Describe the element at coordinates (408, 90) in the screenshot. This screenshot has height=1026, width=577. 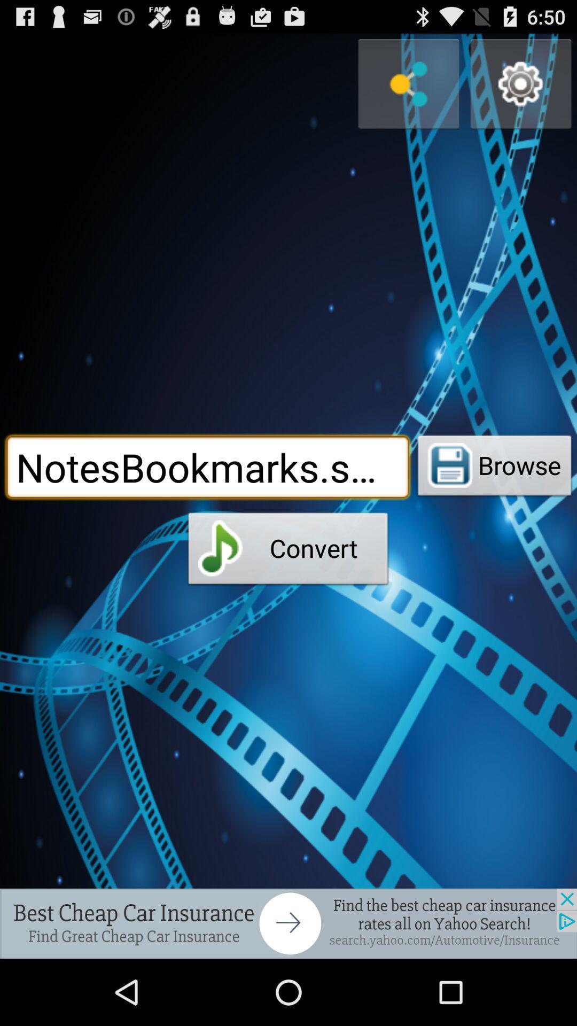
I see `the share icon` at that location.